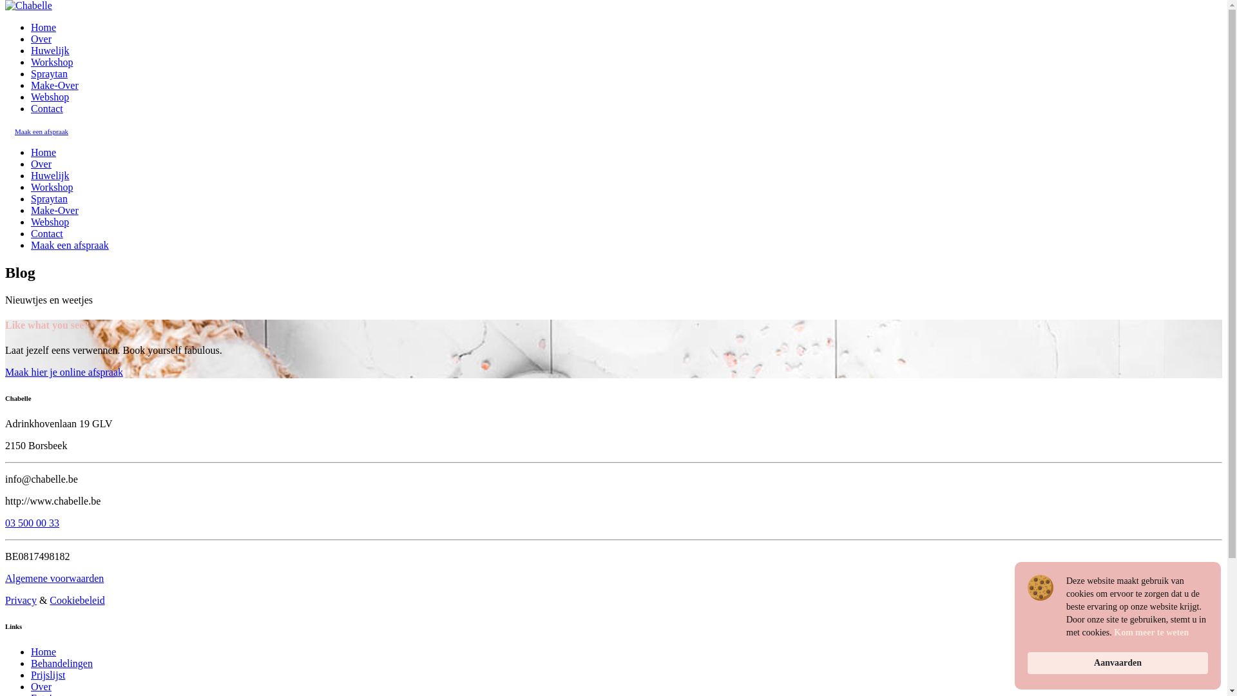  I want to click on 'Webshop', so click(50, 221).